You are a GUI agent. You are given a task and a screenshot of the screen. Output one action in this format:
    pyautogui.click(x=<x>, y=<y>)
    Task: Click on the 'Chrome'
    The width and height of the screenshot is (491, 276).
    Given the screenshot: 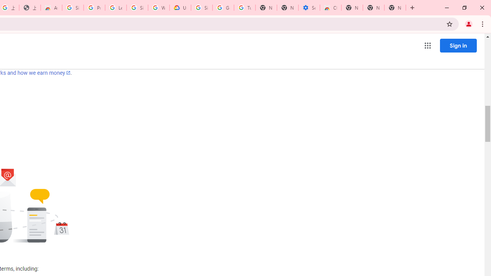 What is the action you would take?
    pyautogui.click(x=483, y=23)
    